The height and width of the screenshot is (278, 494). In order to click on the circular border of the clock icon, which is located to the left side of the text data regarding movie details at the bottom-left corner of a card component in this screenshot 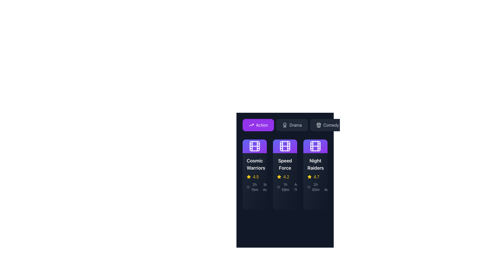, I will do `click(248, 187)`.